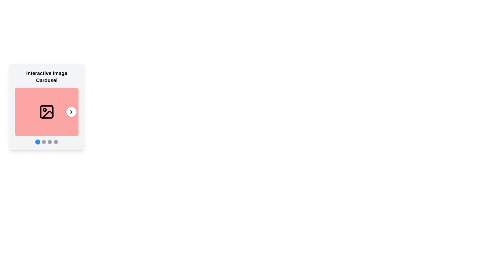  What do you see at coordinates (71, 112) in the screenshot?
I see `the right-facing chevron arrow icon located centrally within the circular button of the carousel navigation control` at bounding box center [71, 112].